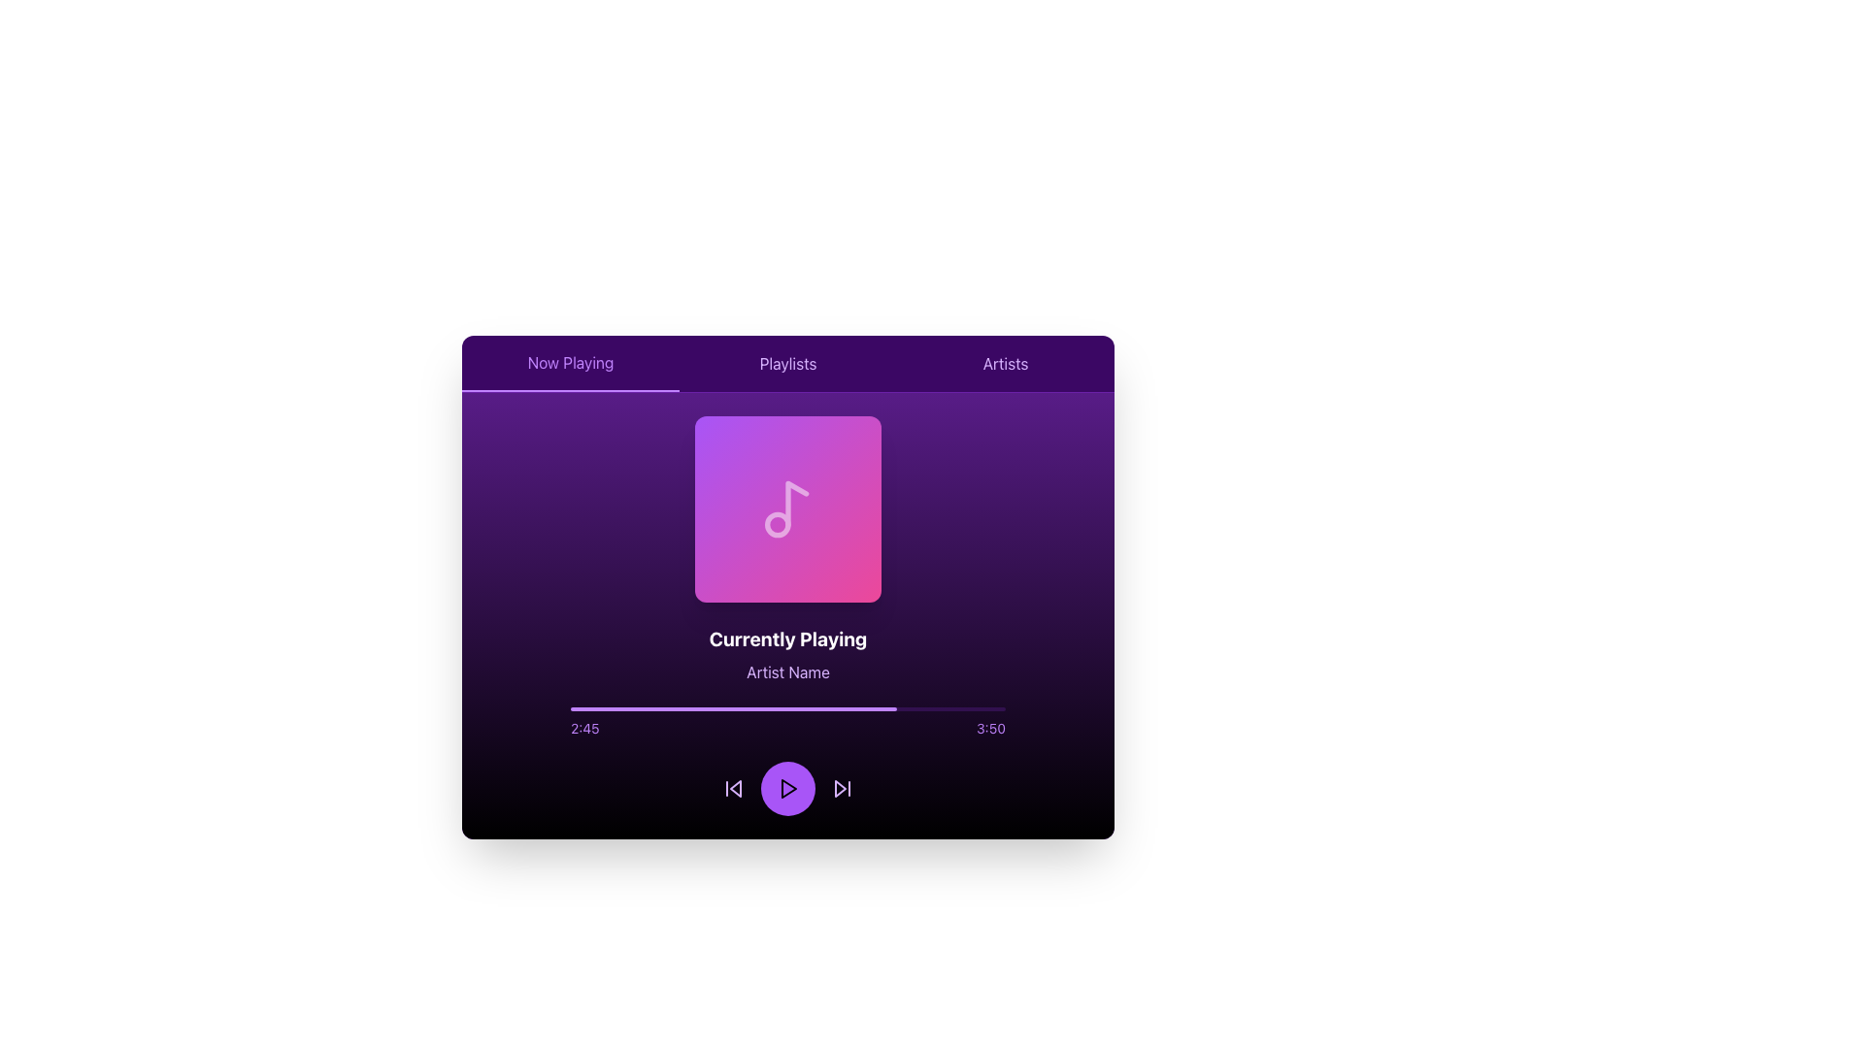 Image resolution: width=1864 pixels, height=1048 pixels. Describe the element at coordinates (787, 789) in the screenshot. I see `the middle button that toggles audio playback, located centrally at the bottom of the interface between two skip buttons` at that location.